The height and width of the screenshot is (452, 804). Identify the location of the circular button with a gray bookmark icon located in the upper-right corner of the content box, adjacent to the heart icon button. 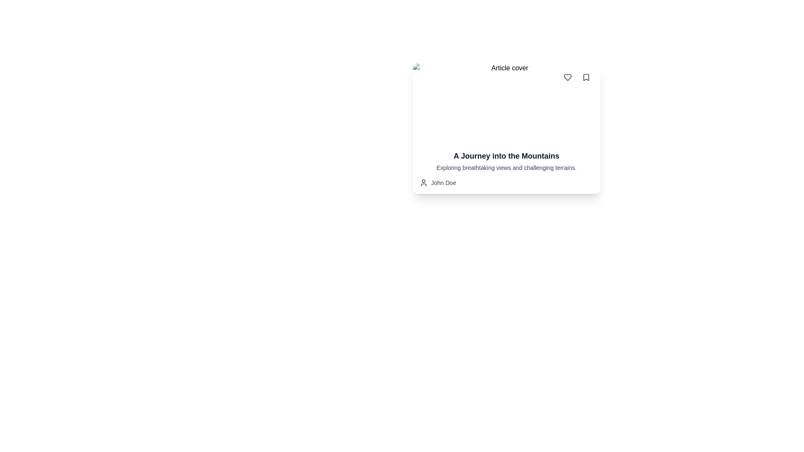
(585, 77).